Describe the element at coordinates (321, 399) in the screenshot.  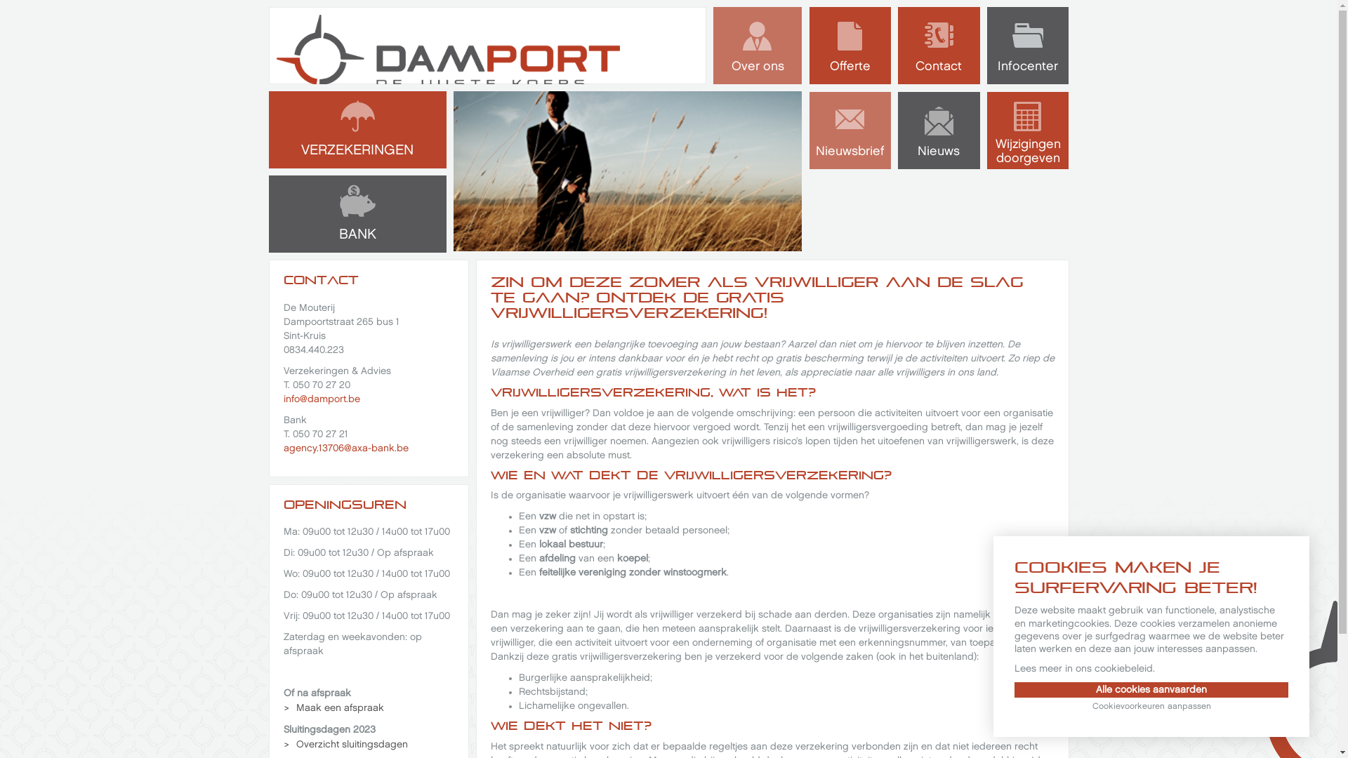
I see `'info@damport.be'` at that location.